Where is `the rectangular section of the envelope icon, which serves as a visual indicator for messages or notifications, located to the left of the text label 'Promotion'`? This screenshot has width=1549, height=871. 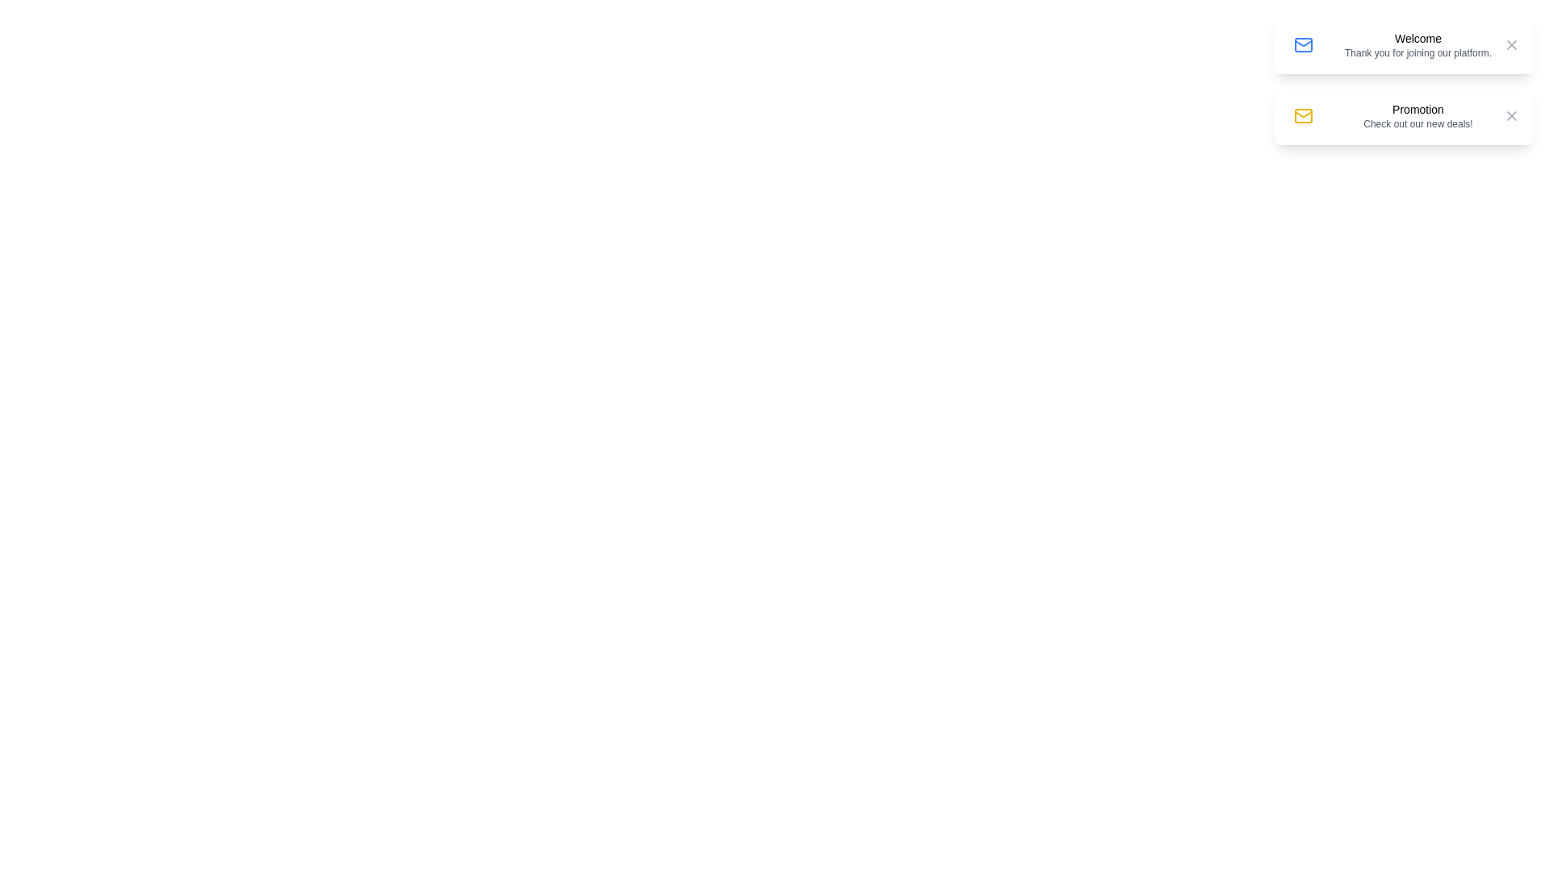
the rectangular section of the envelope icon, which serves as a visual indicator for messages or notifications, located to the left of the text label 'Promotion' is located at coordinates (1304, 115).